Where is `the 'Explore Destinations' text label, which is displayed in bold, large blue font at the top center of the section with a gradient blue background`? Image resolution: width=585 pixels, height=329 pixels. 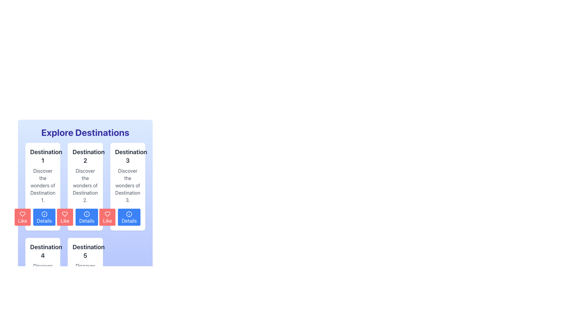
the 'Explore Destinations' text label, which is displayed in bold, large blue font at the top center of the section with a gradient blue background is located at coordinates (85, 132).